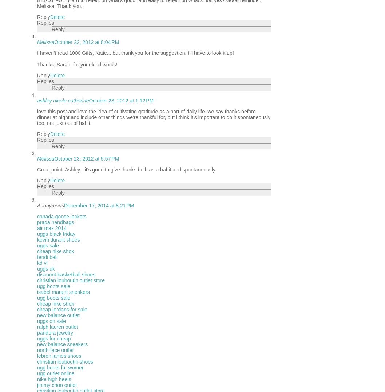 This screenshot has height=392, width=385. What do you see at coordinates (62, 100) in the screenshot?
I see `'ashley nicole catherine'` at bounding box center [62, 100].